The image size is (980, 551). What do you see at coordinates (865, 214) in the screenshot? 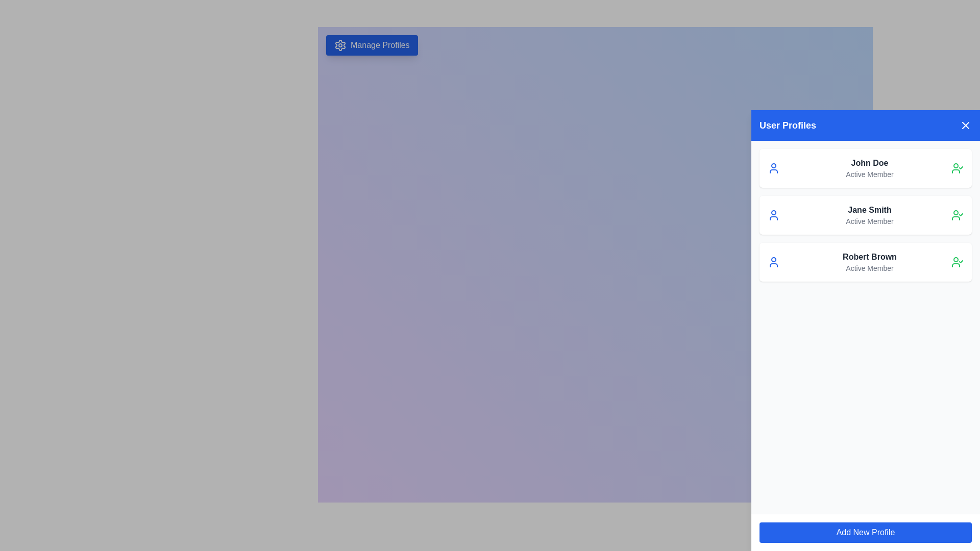
I see `the second profile card in the 'User Profiles' panel` at bounding box center [865, 214].